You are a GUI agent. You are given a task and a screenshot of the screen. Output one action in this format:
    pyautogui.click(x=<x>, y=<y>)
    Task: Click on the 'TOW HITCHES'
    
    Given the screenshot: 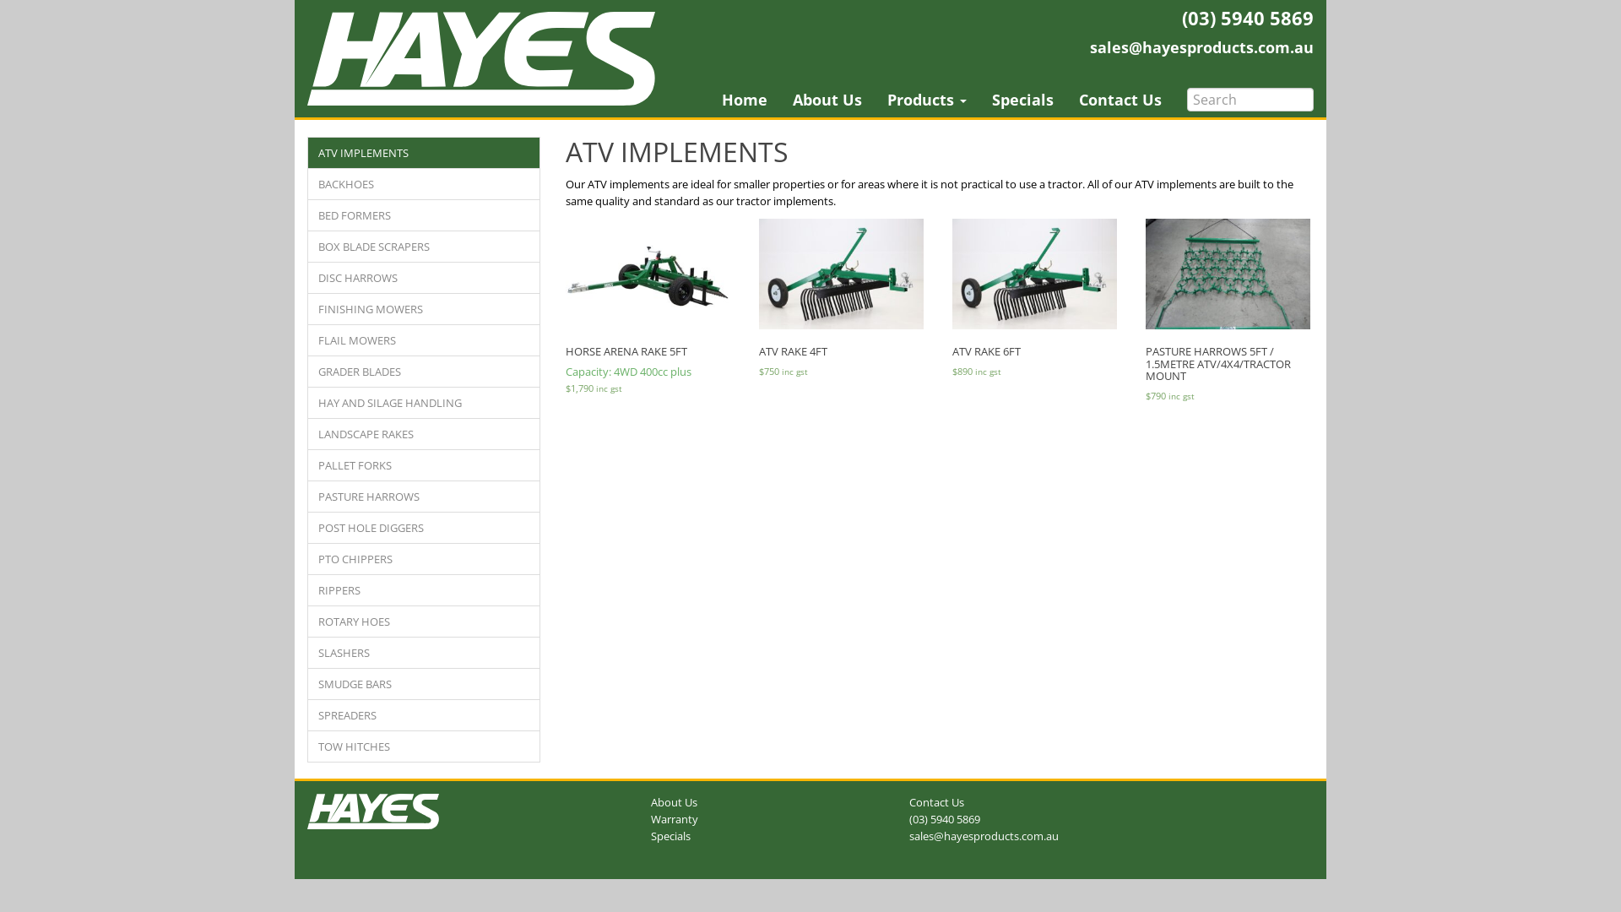 What is the action you would take?
    pyautogui.click(x=424, y=745)
    